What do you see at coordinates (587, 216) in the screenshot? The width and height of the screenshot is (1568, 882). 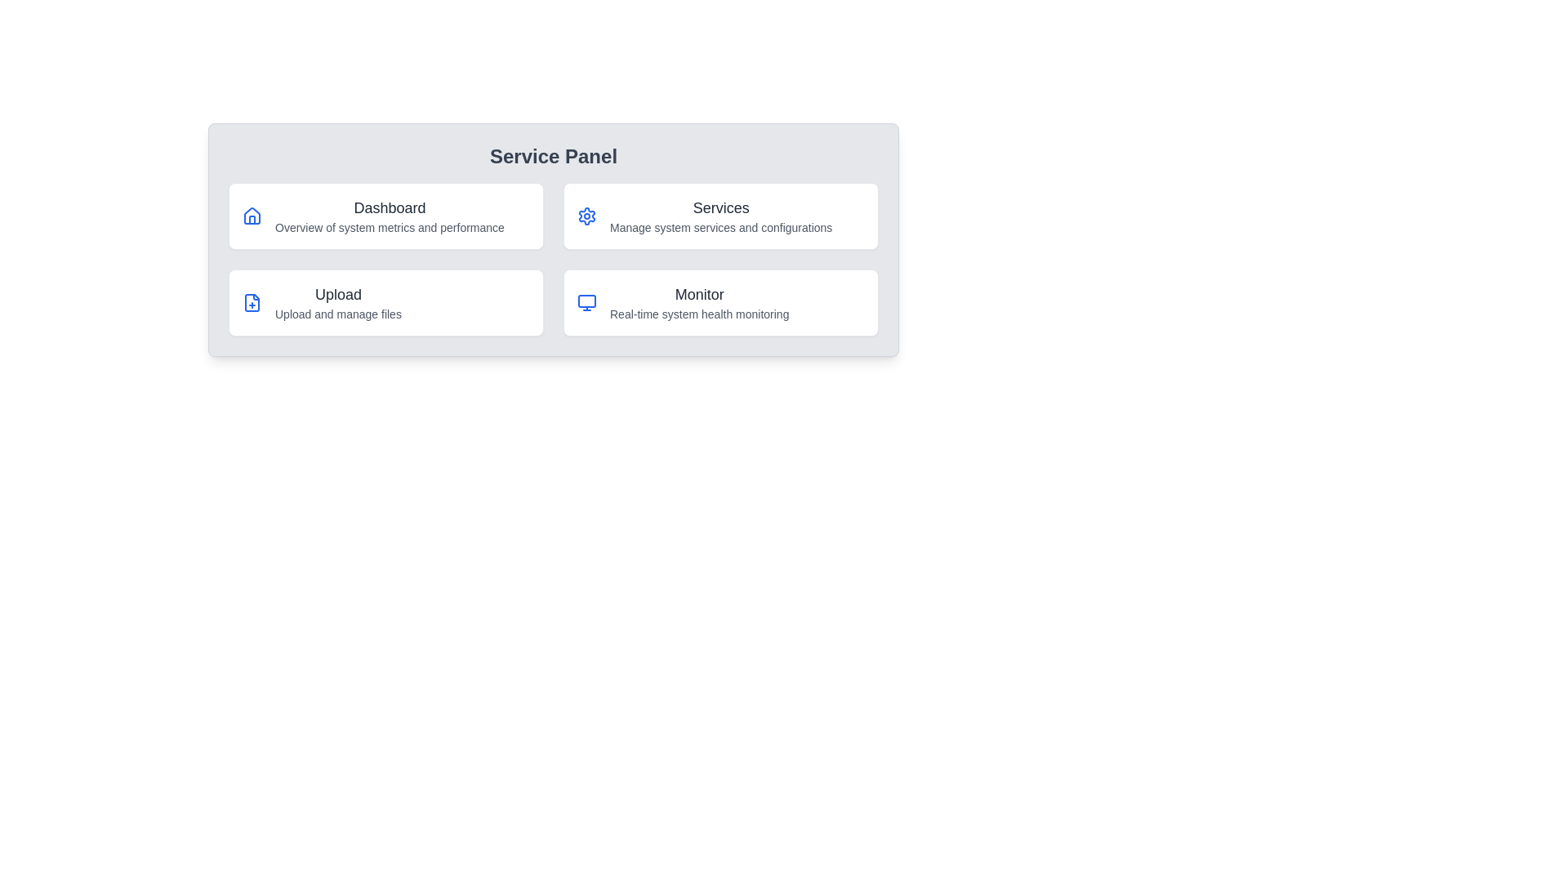 I see `the blue gear icon located in the top-left corner of the 'Services' card within the Service Panel interface` at bounding box center [587, 216].